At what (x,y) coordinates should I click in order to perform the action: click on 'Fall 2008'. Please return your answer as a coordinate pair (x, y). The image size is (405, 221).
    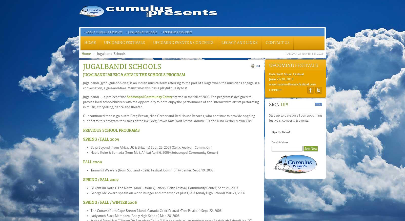
    Looking at the image, I should click on (92, 162).